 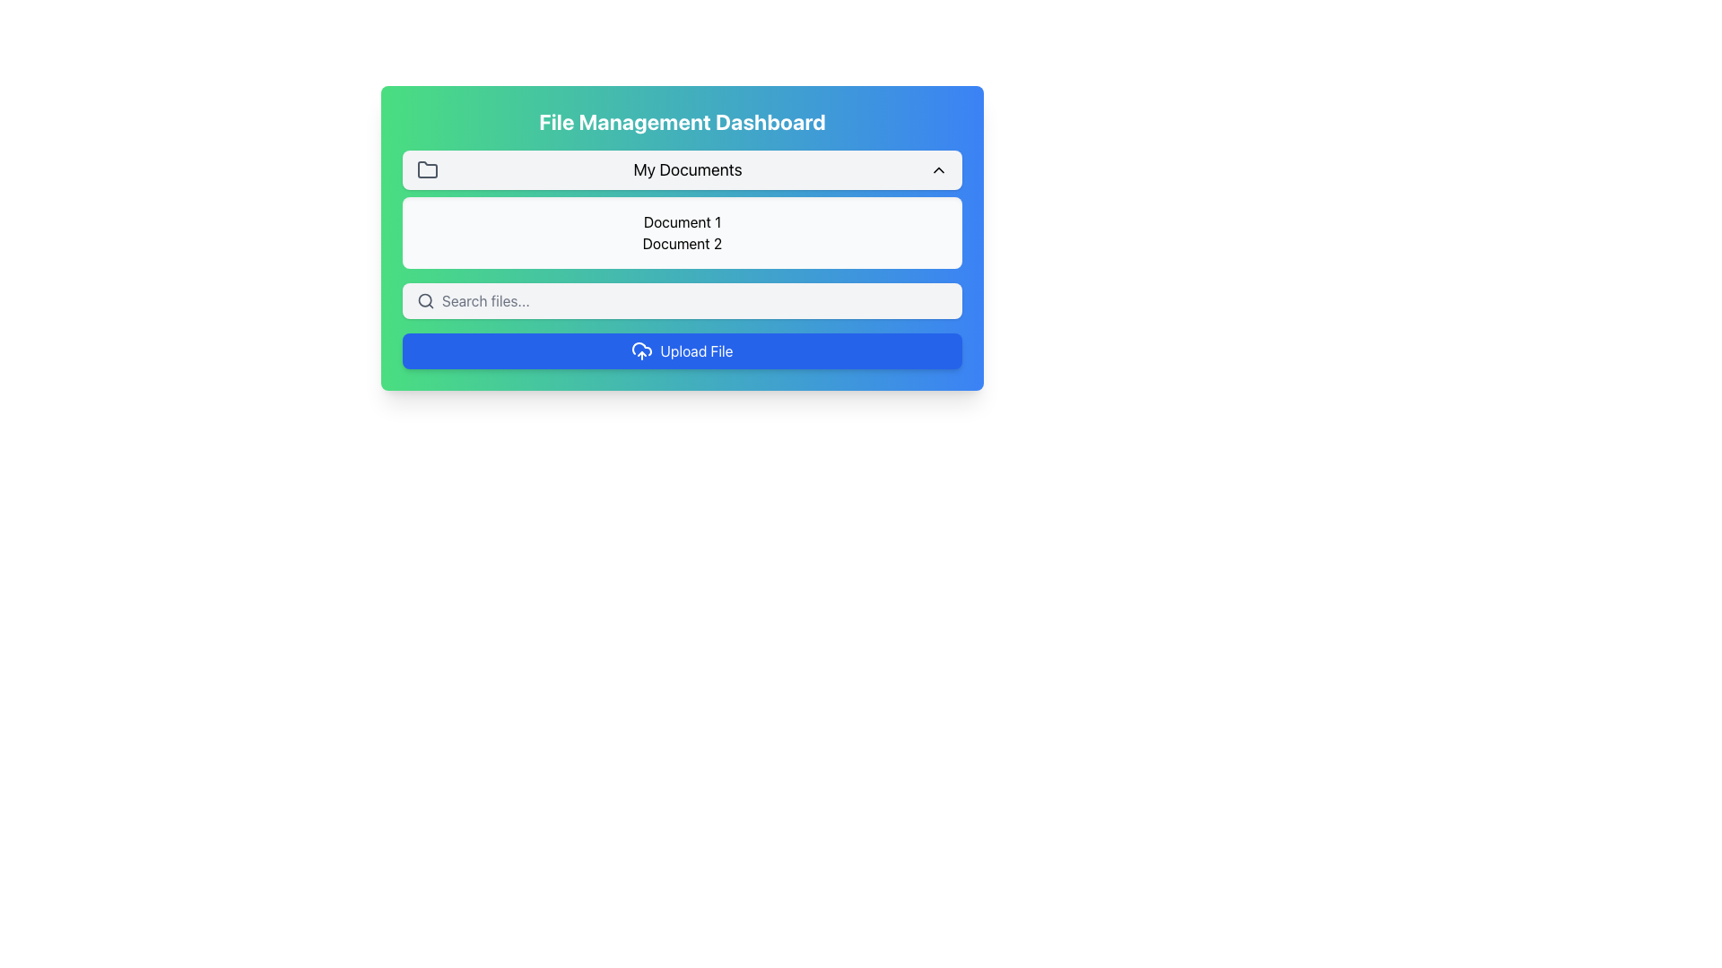 What do you see at coordinates (937, 169) in the screenshot?
I see `the collapse icon located at the far right of the 'My Documents' section header, adjacent to the 'My Documents' text` at bounding box center [937, 169].